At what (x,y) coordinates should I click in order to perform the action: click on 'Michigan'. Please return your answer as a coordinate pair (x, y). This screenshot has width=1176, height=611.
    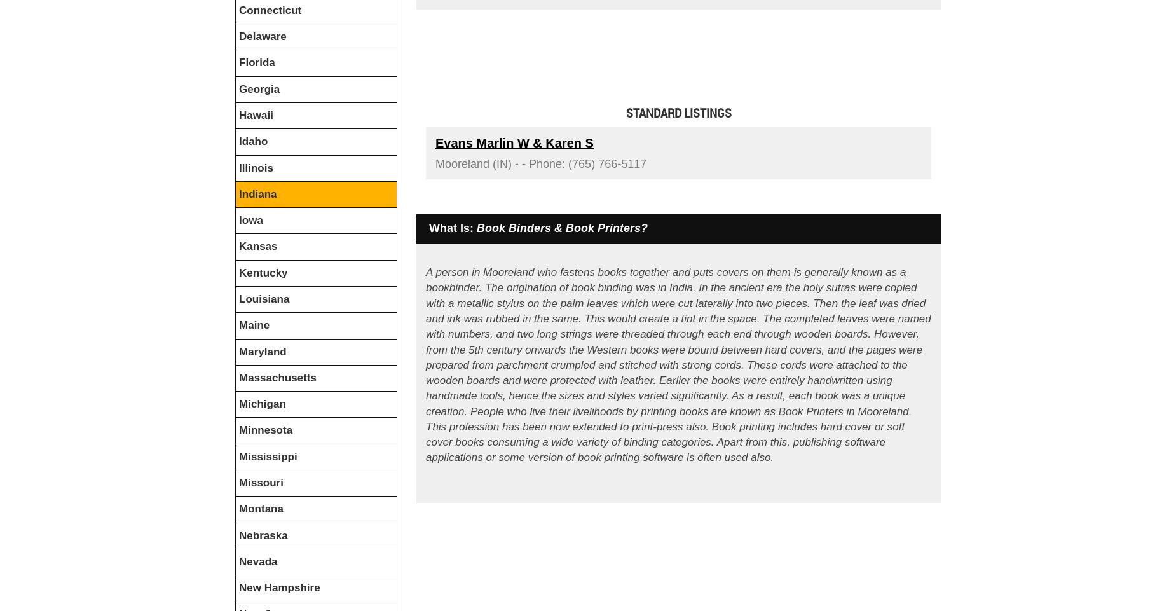
    Looking at the image, I should click on (261, 404).